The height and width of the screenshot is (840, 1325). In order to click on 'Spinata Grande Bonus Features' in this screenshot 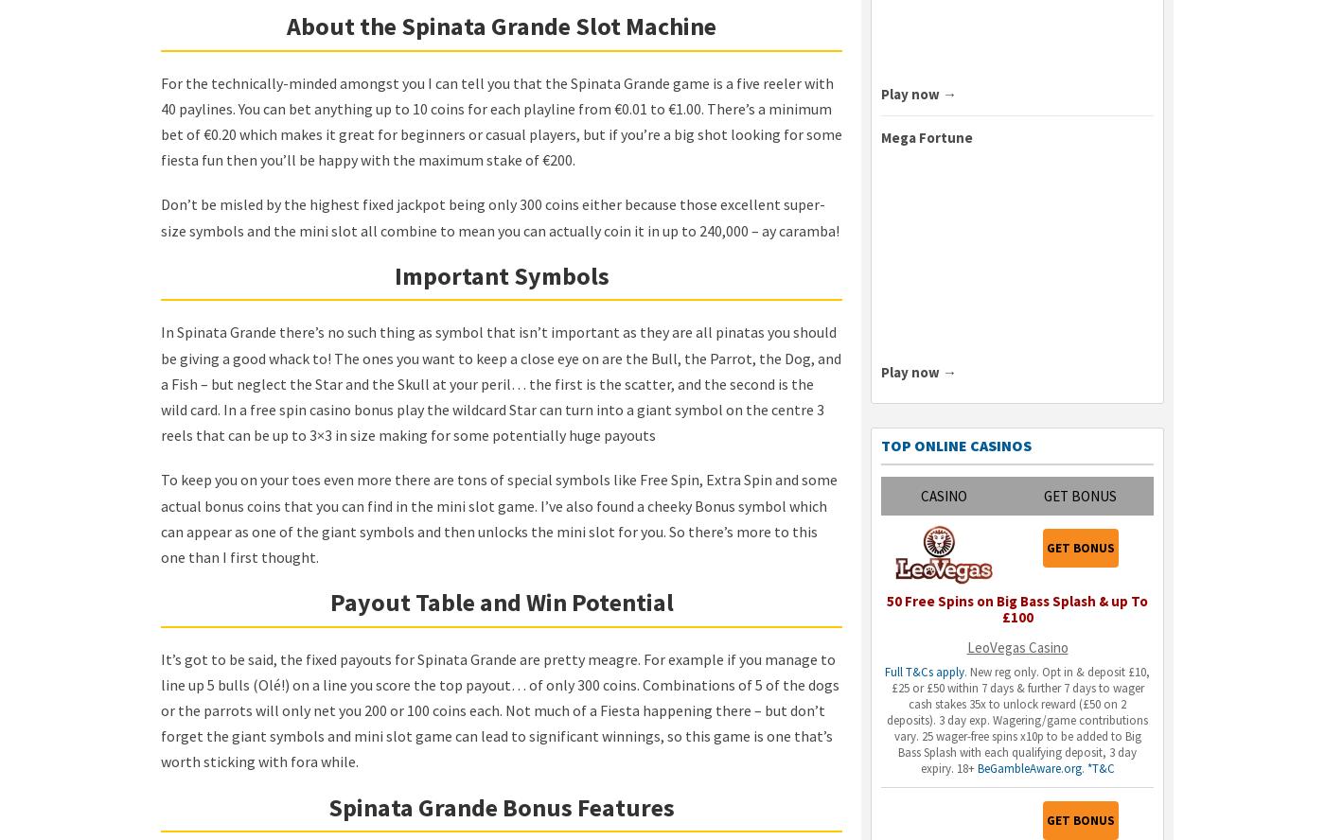, I will do `click(502, 805)`.